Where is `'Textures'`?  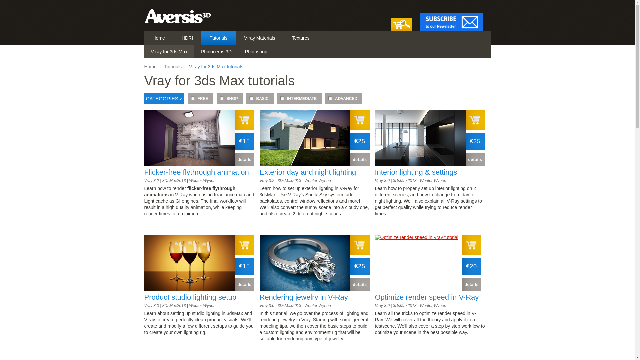 'Textures' is located at coordinates (300, 38).